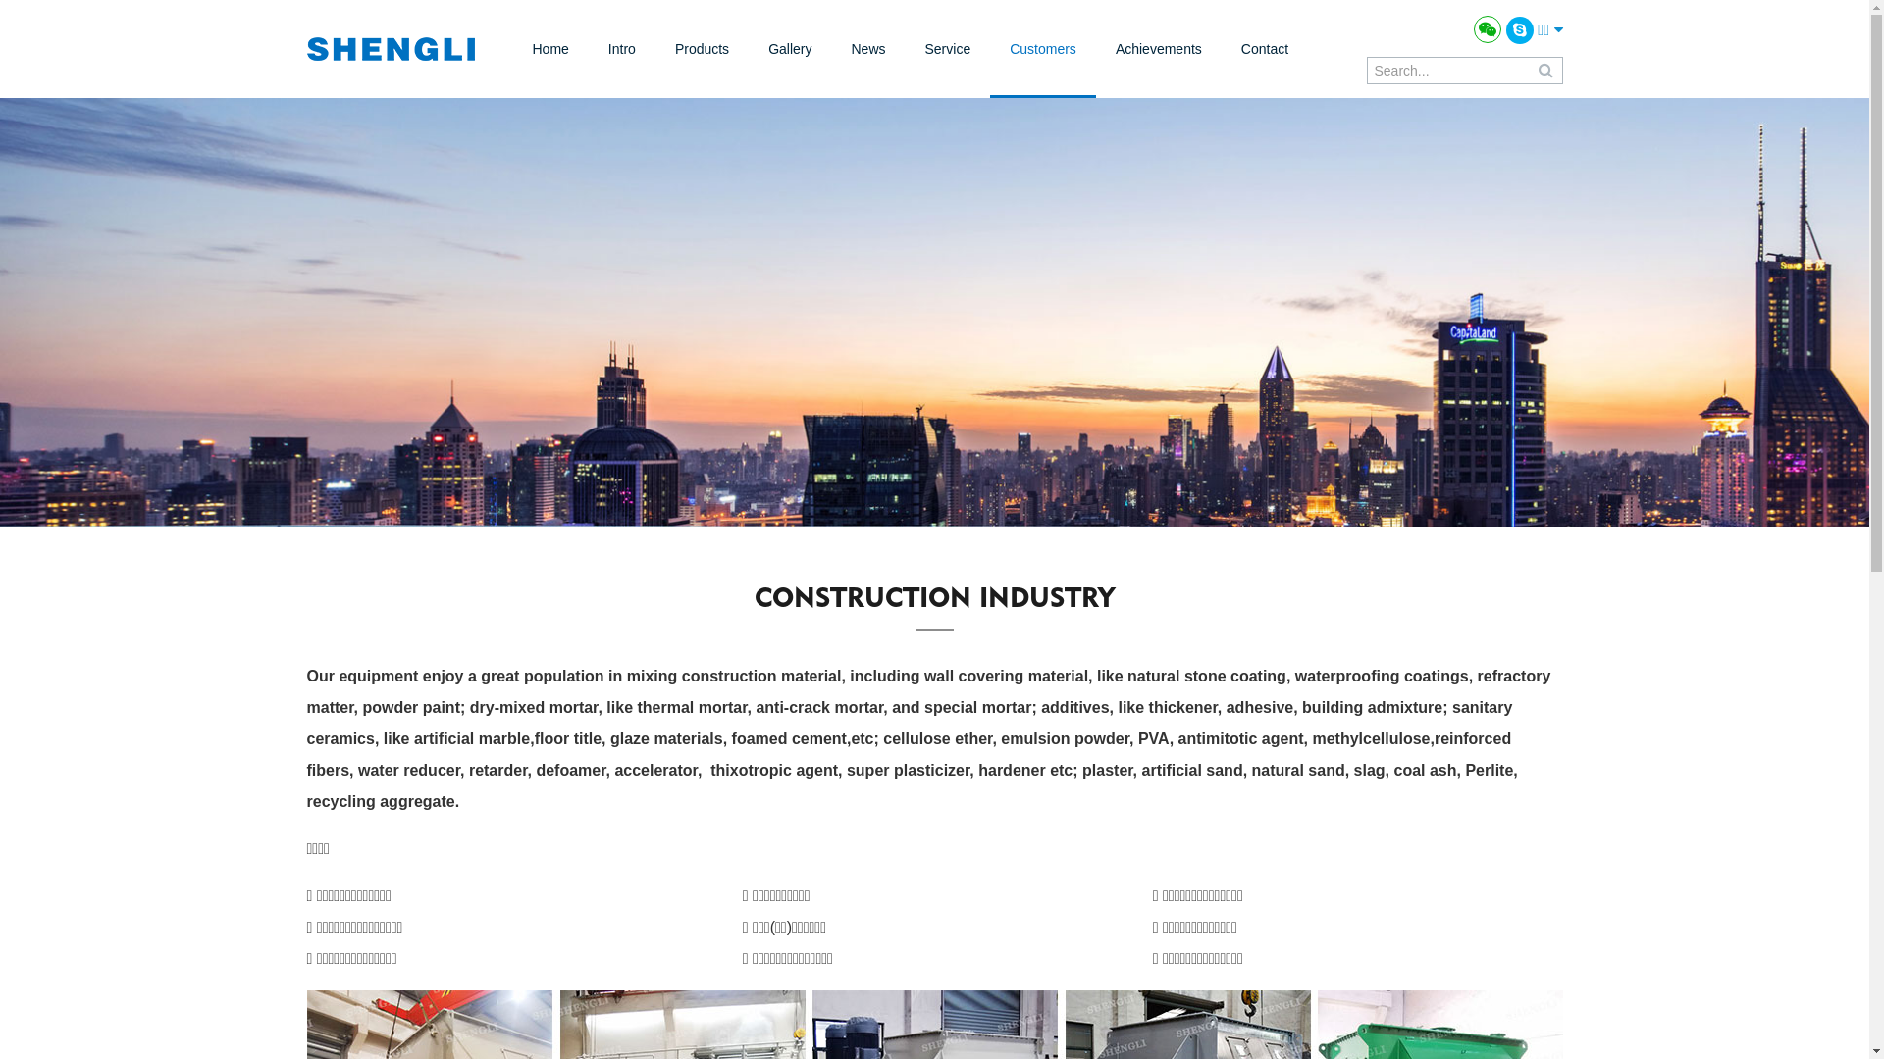 The height and width of the screenshot is (1059, 1884). I want to click on 'Service', so click(947, 48).